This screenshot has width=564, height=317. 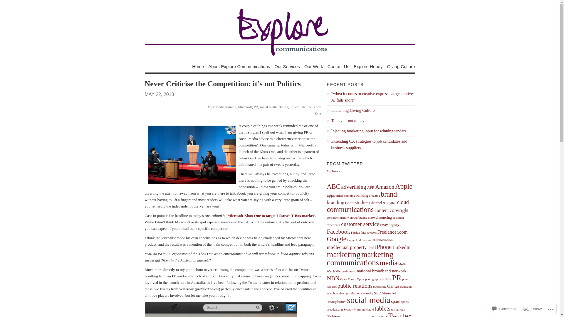 I want to click on 'public relations', so click(x=355, y=285).